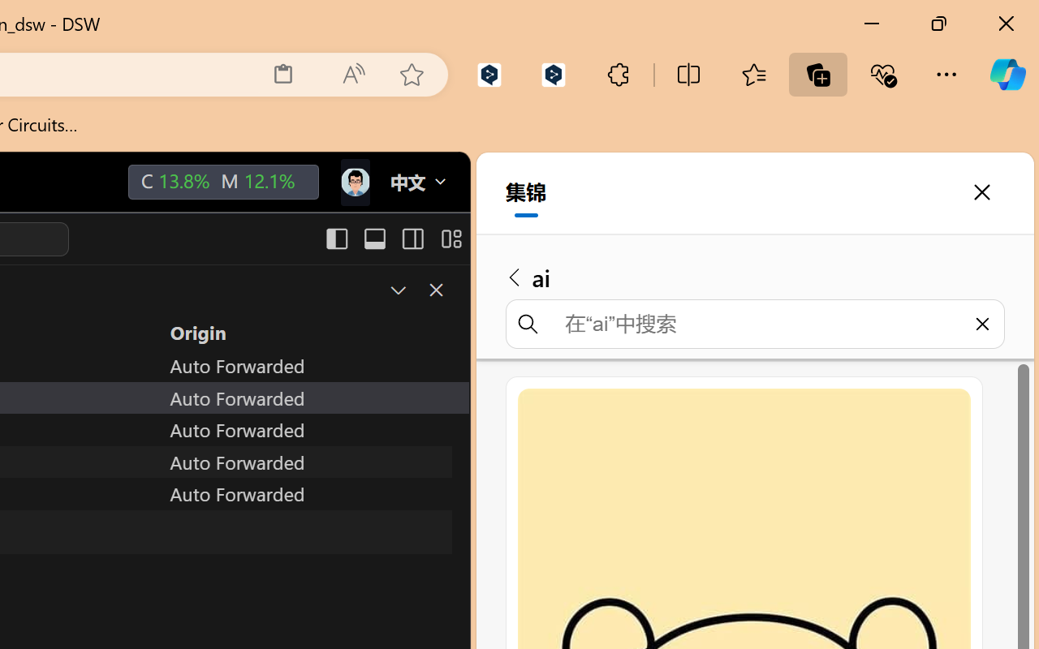 Image resolution: width=1039 pixels, height=649 pixels. Describe the element at coordinates (1007, 74) in the screenshot. I see `'Copilot (Ctrl+Shift+.)'` at that location.